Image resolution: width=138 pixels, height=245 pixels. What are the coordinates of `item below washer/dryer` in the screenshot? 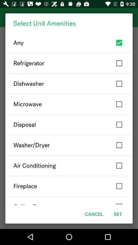 It's located at (69, 165).